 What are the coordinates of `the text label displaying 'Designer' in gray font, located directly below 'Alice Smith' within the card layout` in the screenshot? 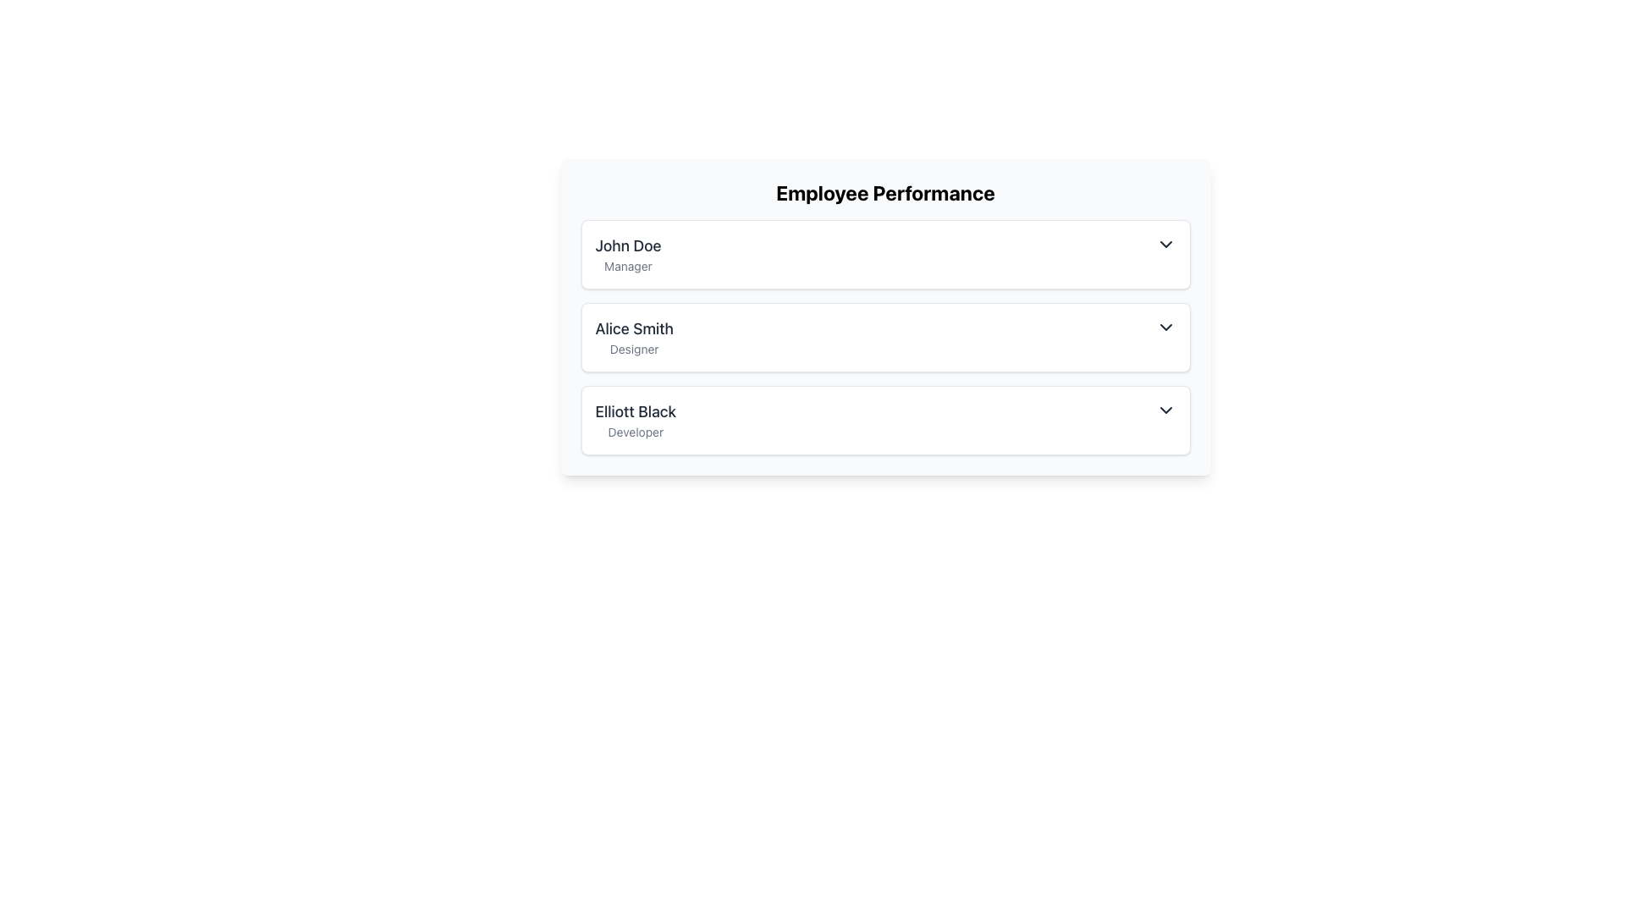 It's located at (633, 348).